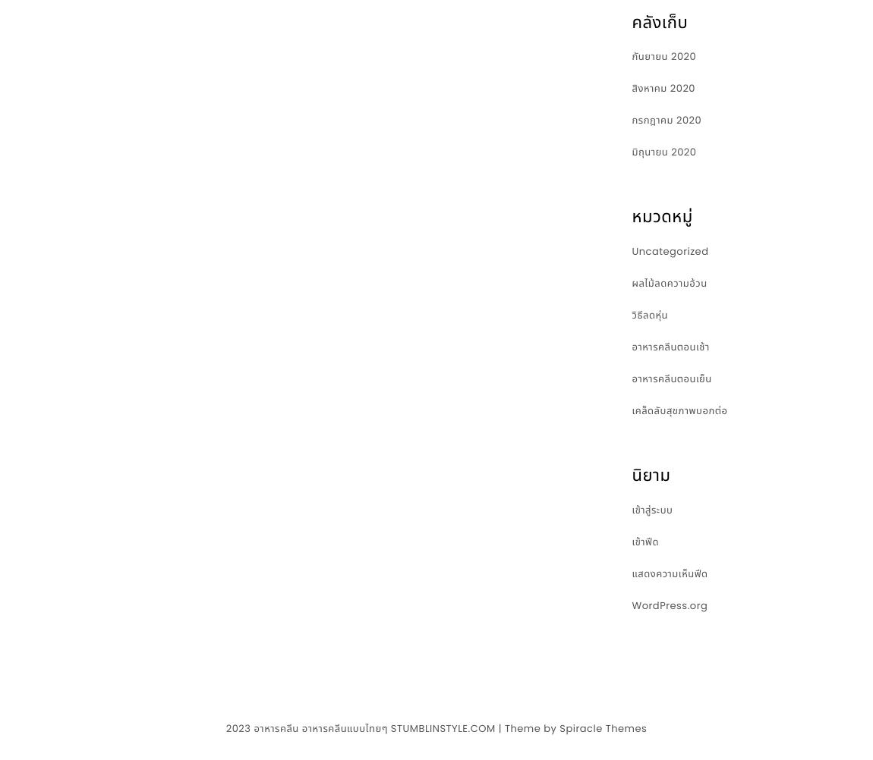 The image size is (873, 760). I want to click on 'อาหารคลีน อาหารคลีนแบบไทยๆ STUMBLINSTYLE.COM', so click(374, 727).